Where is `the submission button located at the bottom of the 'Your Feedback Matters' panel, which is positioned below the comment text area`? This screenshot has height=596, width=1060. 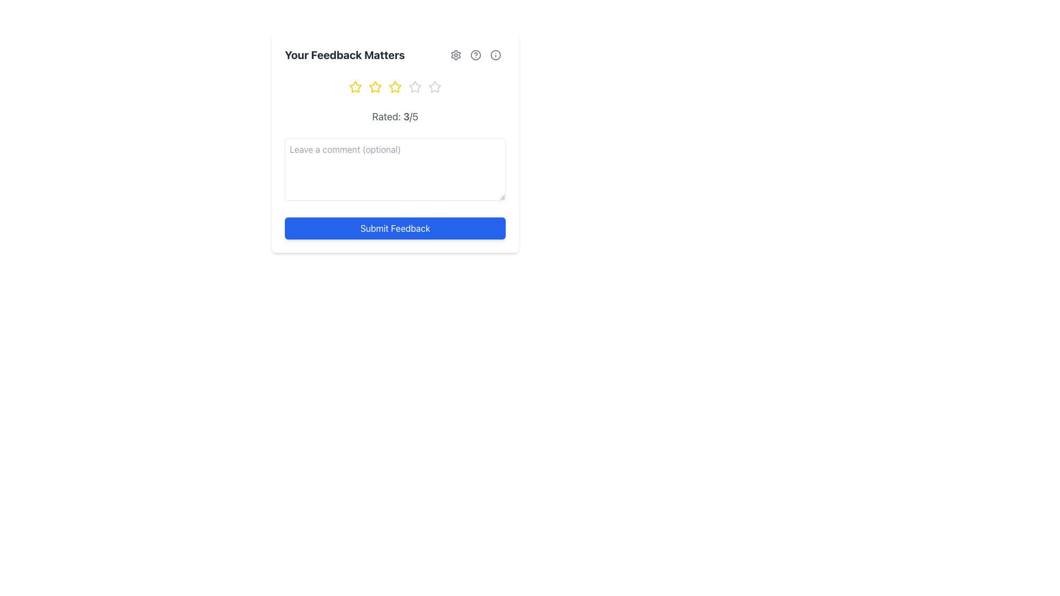
the submission button located at the bottom of the 'Your Feedback Matters' panel, which is positioned below the comment text area is located at coordinates (395, 227).